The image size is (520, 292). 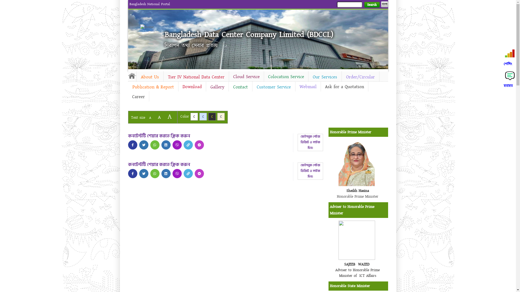 What do you see at coordinates (285, 77) in the screenshot?
I see `'Colocation Service'` at bounding box center [285, 77].